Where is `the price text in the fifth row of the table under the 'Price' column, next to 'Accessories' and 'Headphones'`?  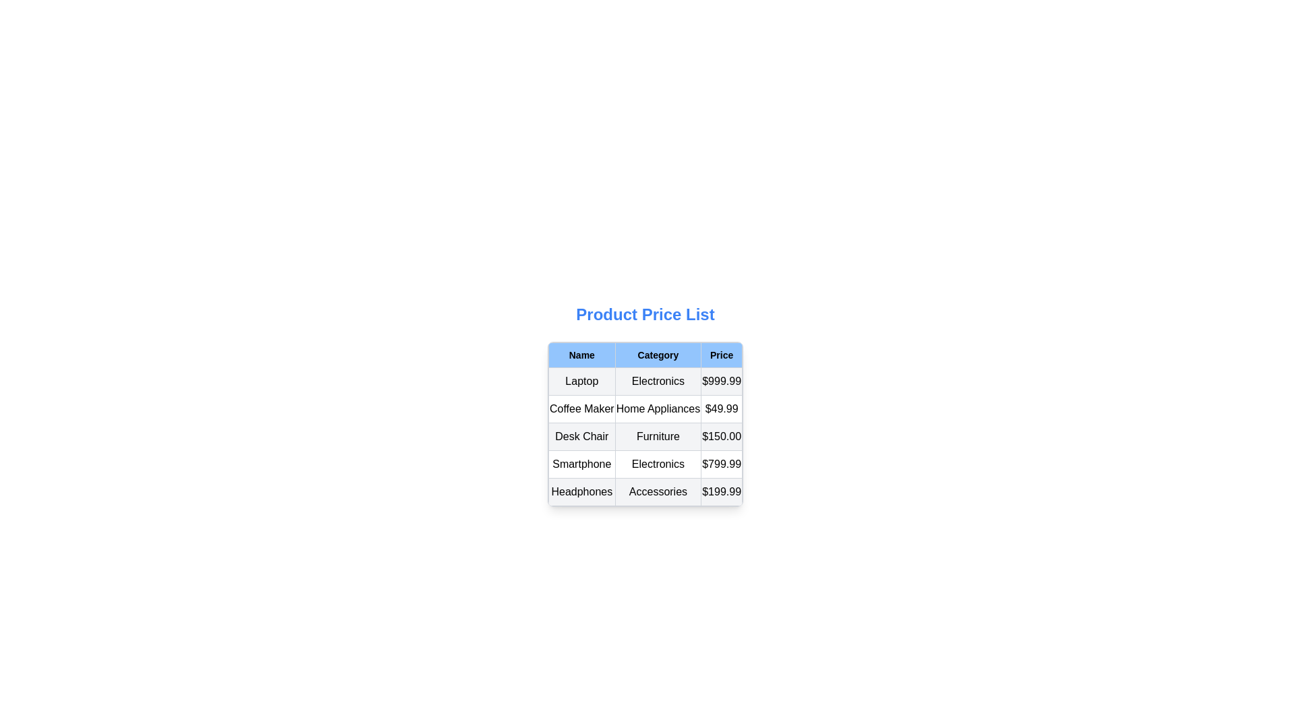 the price text in the fifth row of the table under the 'Price' column, next to 'Accessories' and 'Headphones' is located at coordinates (721, 491).